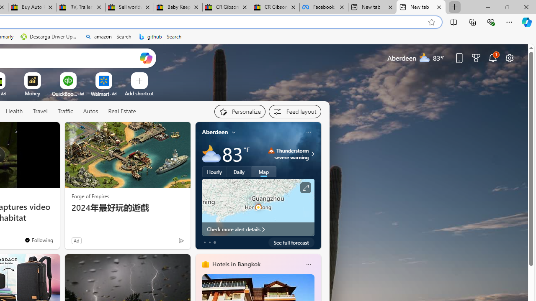 Image resolution: width=536 pixels, height=301 pixels. What do you see at coordinates (509, 57) in the screenshot?
I see `'Page settings'` at bounding box center [509, 57].